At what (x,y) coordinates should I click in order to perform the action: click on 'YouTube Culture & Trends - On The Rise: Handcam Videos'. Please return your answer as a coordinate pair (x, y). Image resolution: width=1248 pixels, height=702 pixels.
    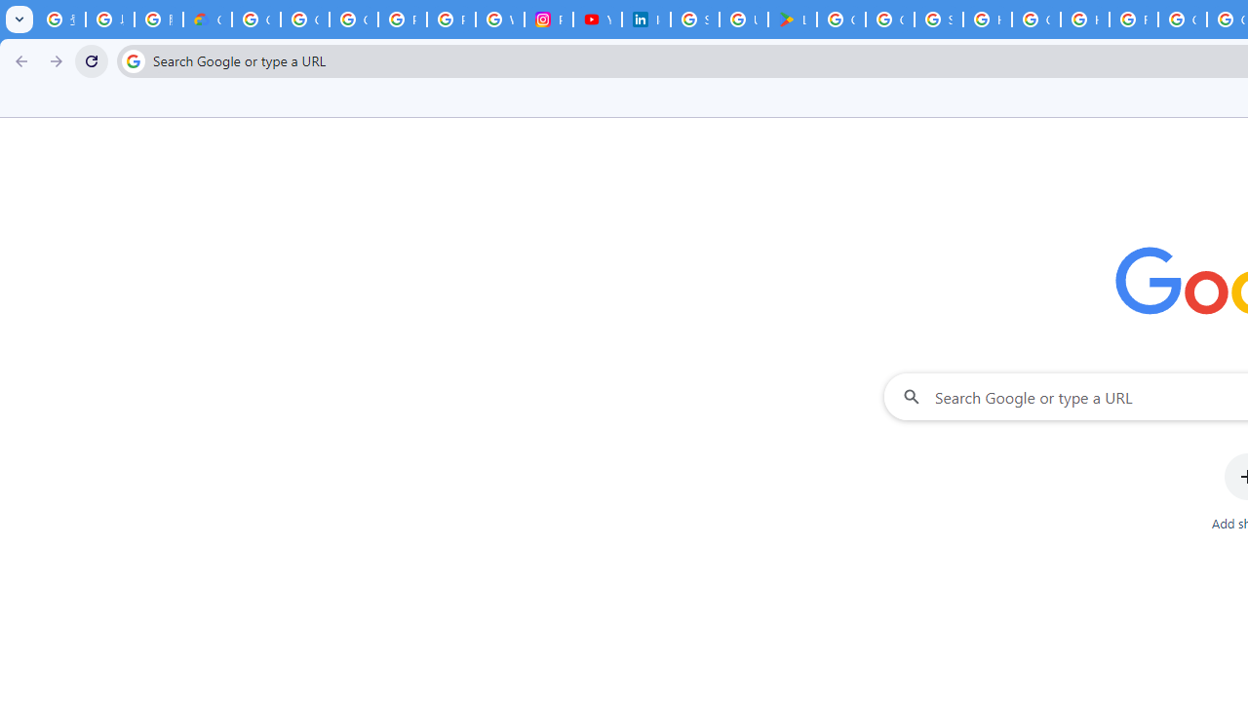
    Looking at the image, I should click on (596, 19).